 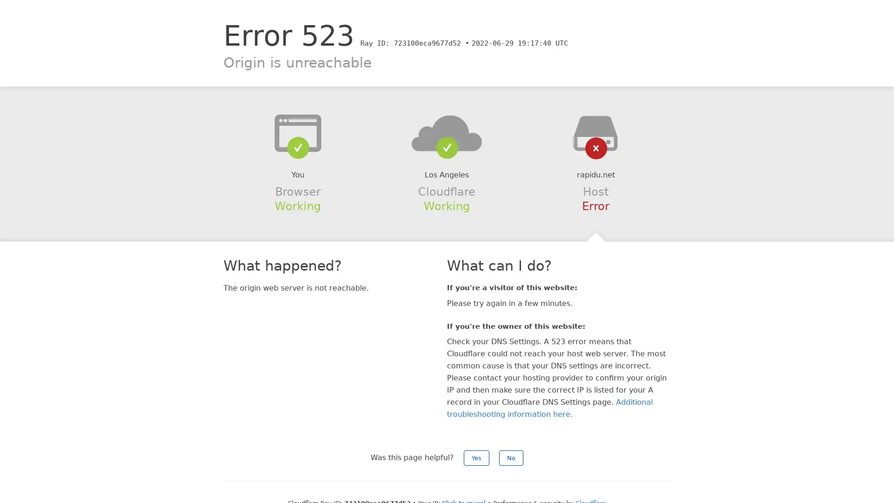 What do you see at coordinates (511, 457) in the screenshot?
I see `No` at bounding box center [511, 457].